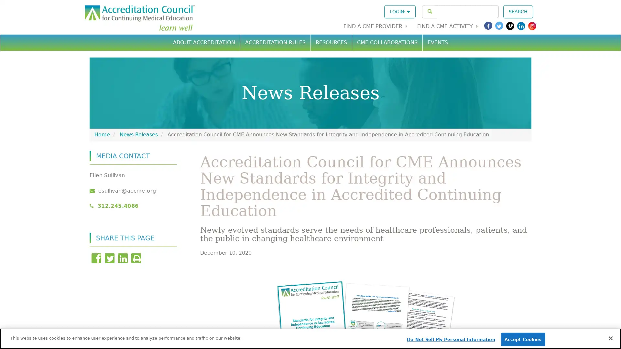  Describe the element at coordinates (450, 339) in the screenshot. I see `Do Not Sell My Personal Information` at that location.